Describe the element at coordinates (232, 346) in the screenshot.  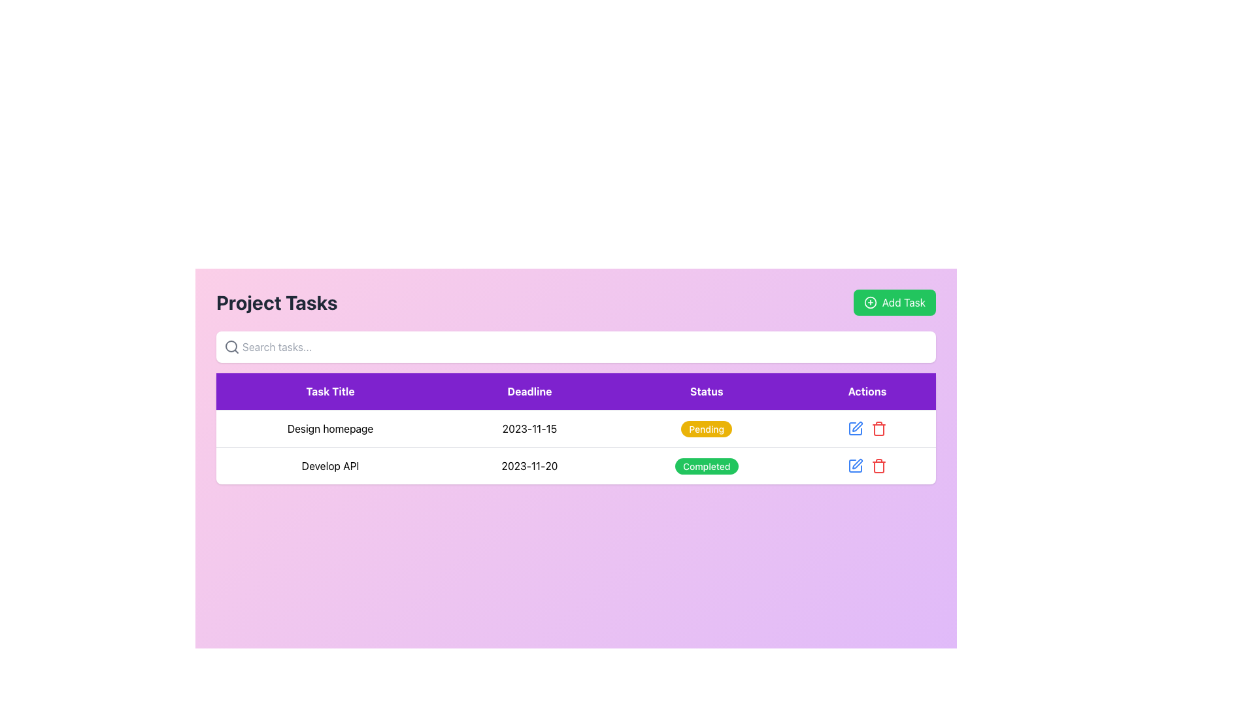
I see `the search icon resembling a magnifying glass located on the left side of the search input box labeled 'Search tasks...'` at that location.